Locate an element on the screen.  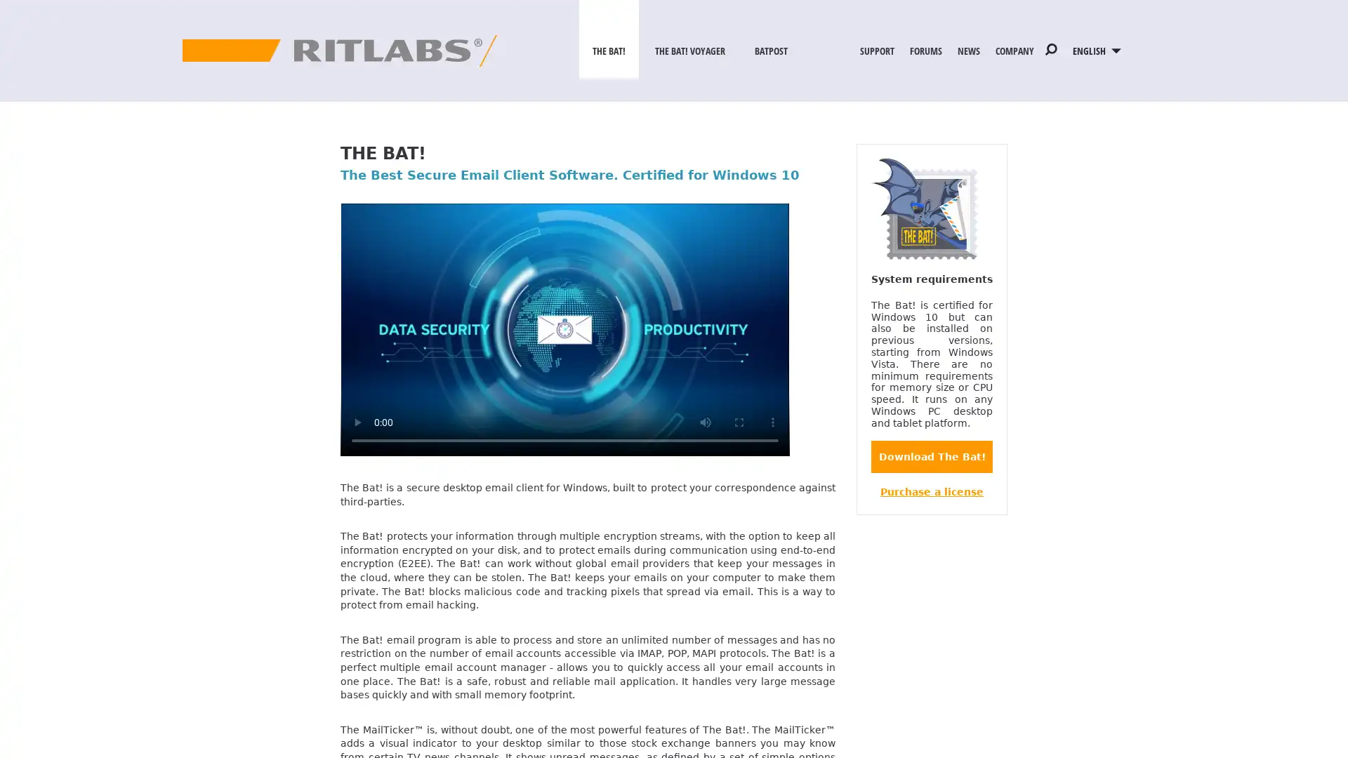
mute is located at coordinates (705, 421).